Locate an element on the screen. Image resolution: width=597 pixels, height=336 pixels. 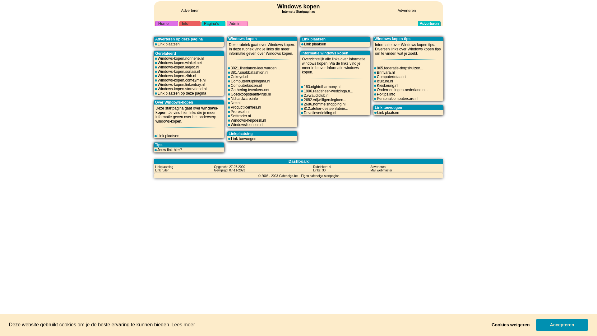
'Iculture.nl' is located at coordinates (376, 81).